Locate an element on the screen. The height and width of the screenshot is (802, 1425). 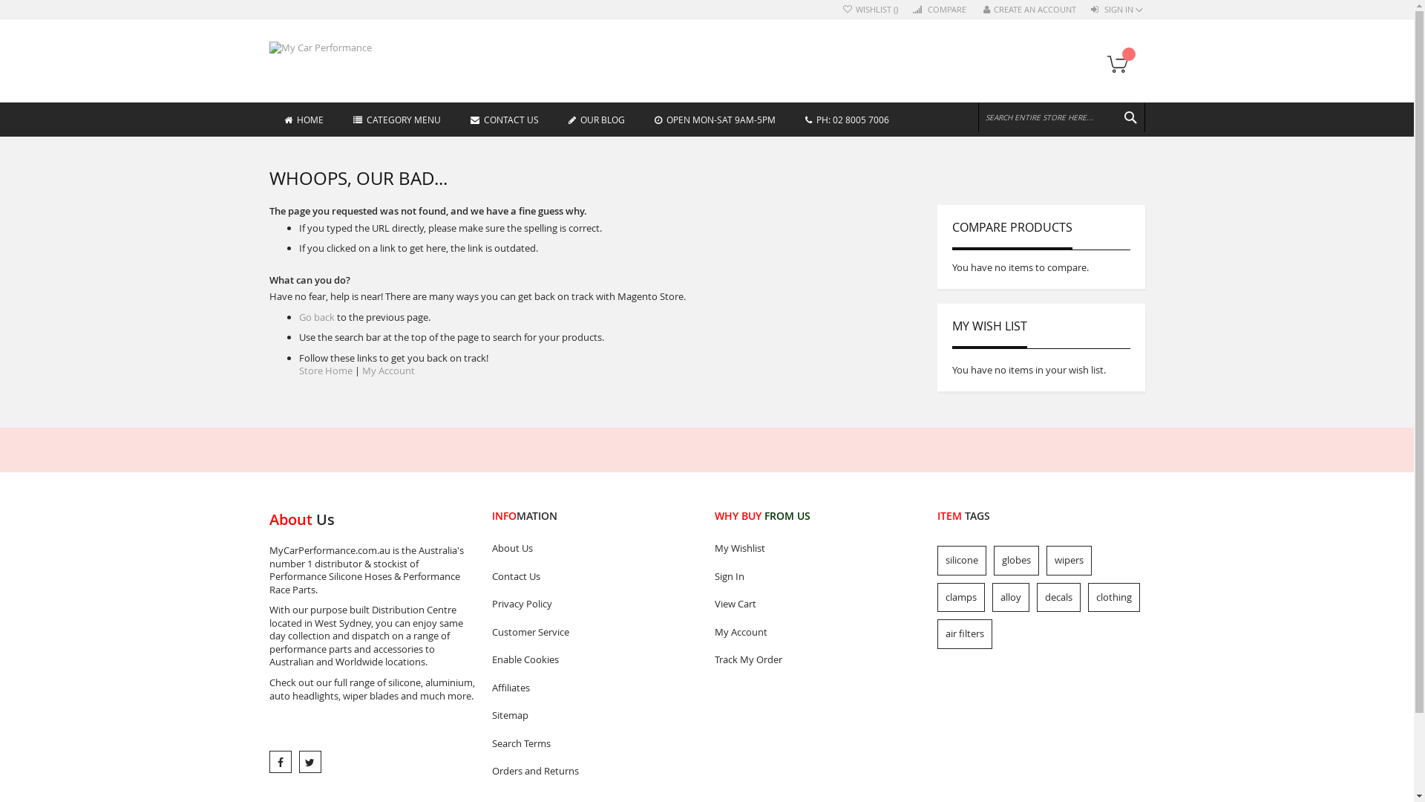
'wipers' is located at coordinates (1069, 561).